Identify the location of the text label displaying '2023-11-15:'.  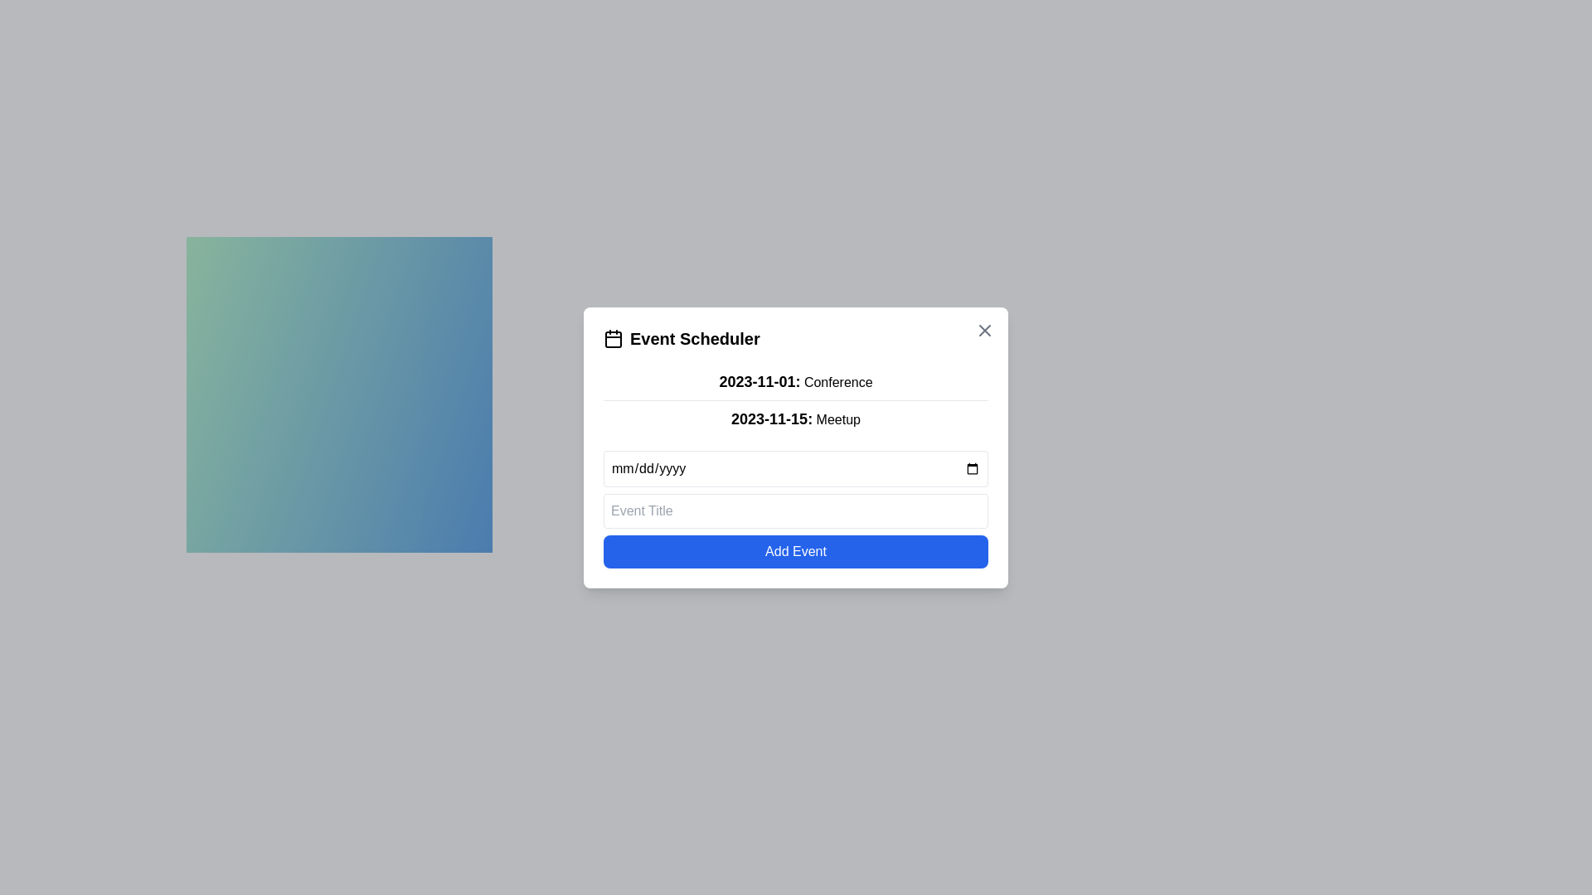
(771, 418).